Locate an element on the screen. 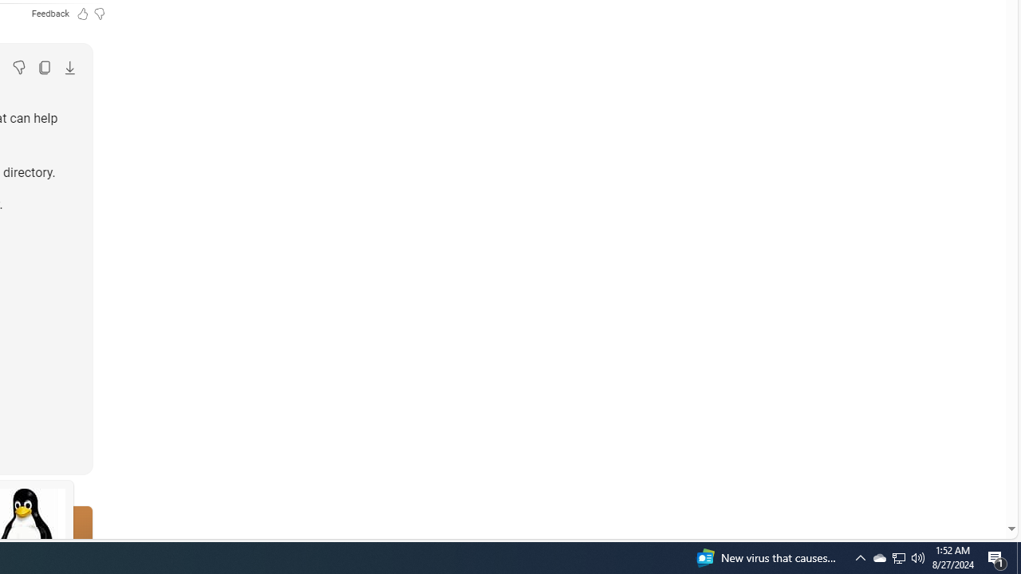 The height and width of the screenshot is (574, 1021). 'Export' is located at coordinates (69, 66).